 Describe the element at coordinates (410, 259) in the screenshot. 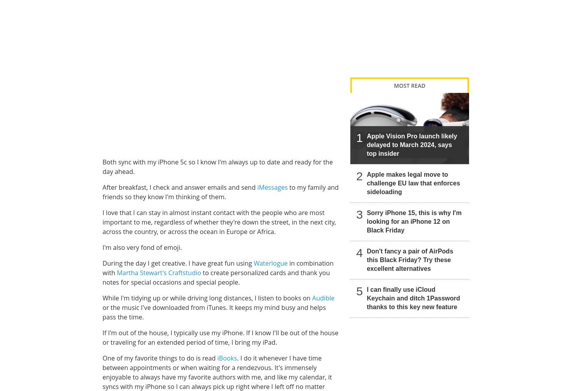

I see `'Don't fancy a pair of AirPods this Black Friday? Try these excellent alternatives'` at that location.